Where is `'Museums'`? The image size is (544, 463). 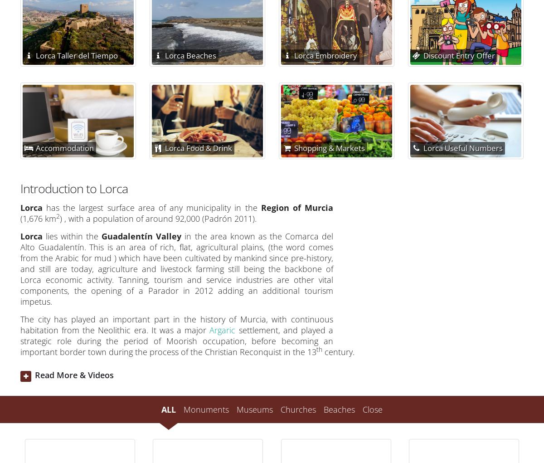
'Museums' is located at coordinates (254, 408).